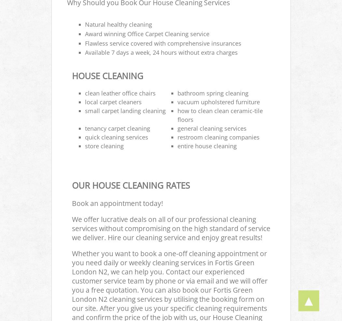 The height and width of the screenshot is (321, 342). Describe the element at coordinates (163, 43) in the screenshot. I see `'Flawless service covered with comprehensive insurances'` at that location.